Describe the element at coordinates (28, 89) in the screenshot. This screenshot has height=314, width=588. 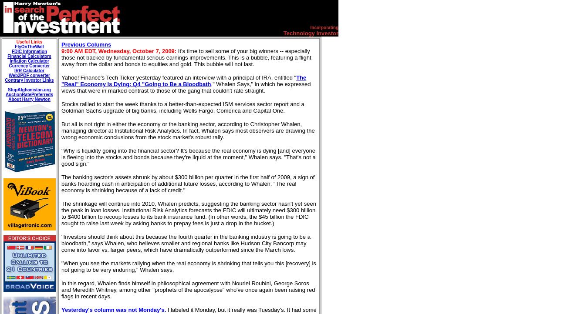
I see `'StopAfghanistan.org'` at that location.